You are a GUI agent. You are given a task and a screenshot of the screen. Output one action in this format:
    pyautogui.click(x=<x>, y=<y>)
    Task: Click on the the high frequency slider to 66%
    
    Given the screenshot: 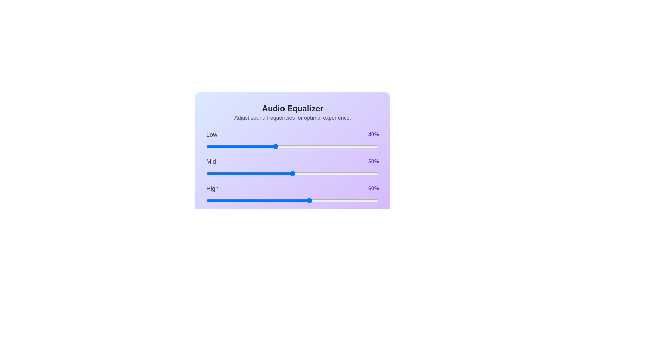 What is the action you would take?
    pyautogui.click(x=320, y=200)
    